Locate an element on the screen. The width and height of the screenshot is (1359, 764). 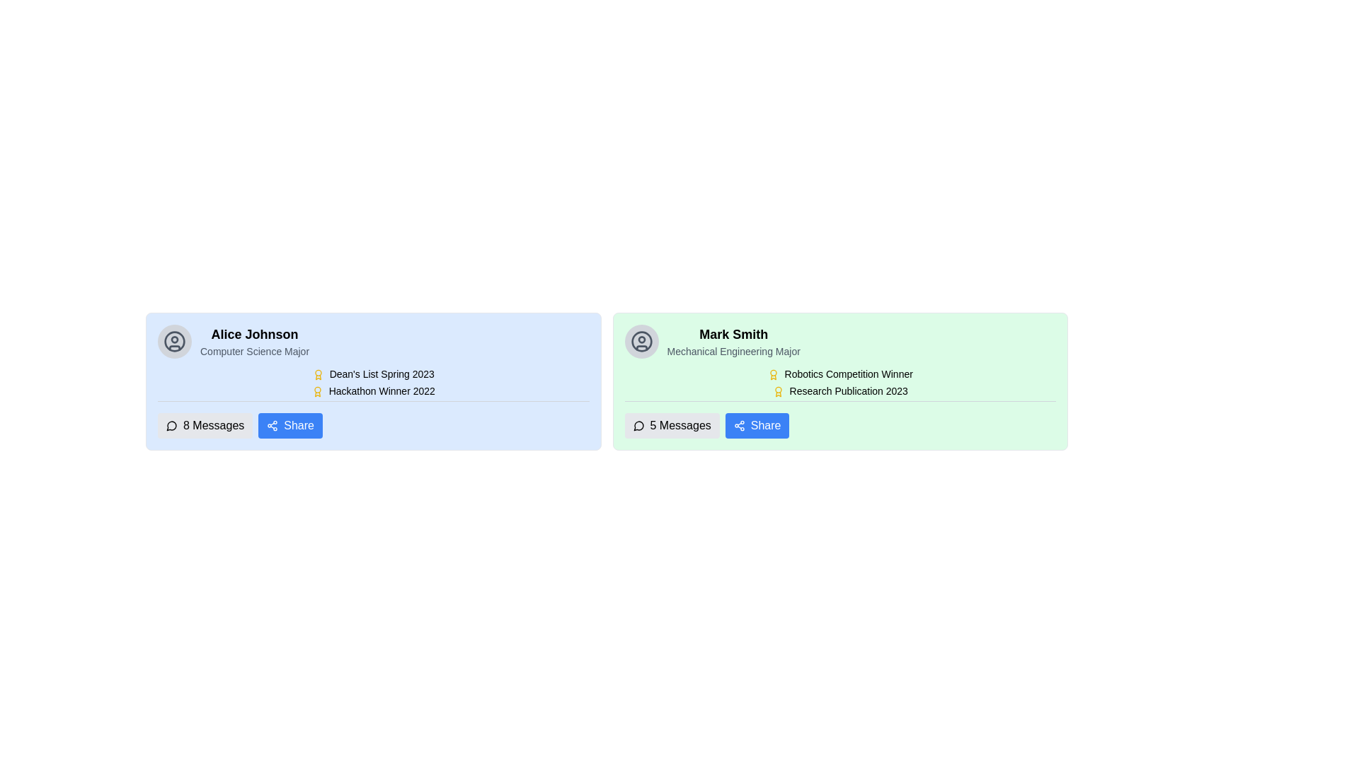
the circular speech bubble icon located to the left of the '8 Messages' text within the button in the blue profile section for 'Alice Johnson' is located at coordinates (171, 424).